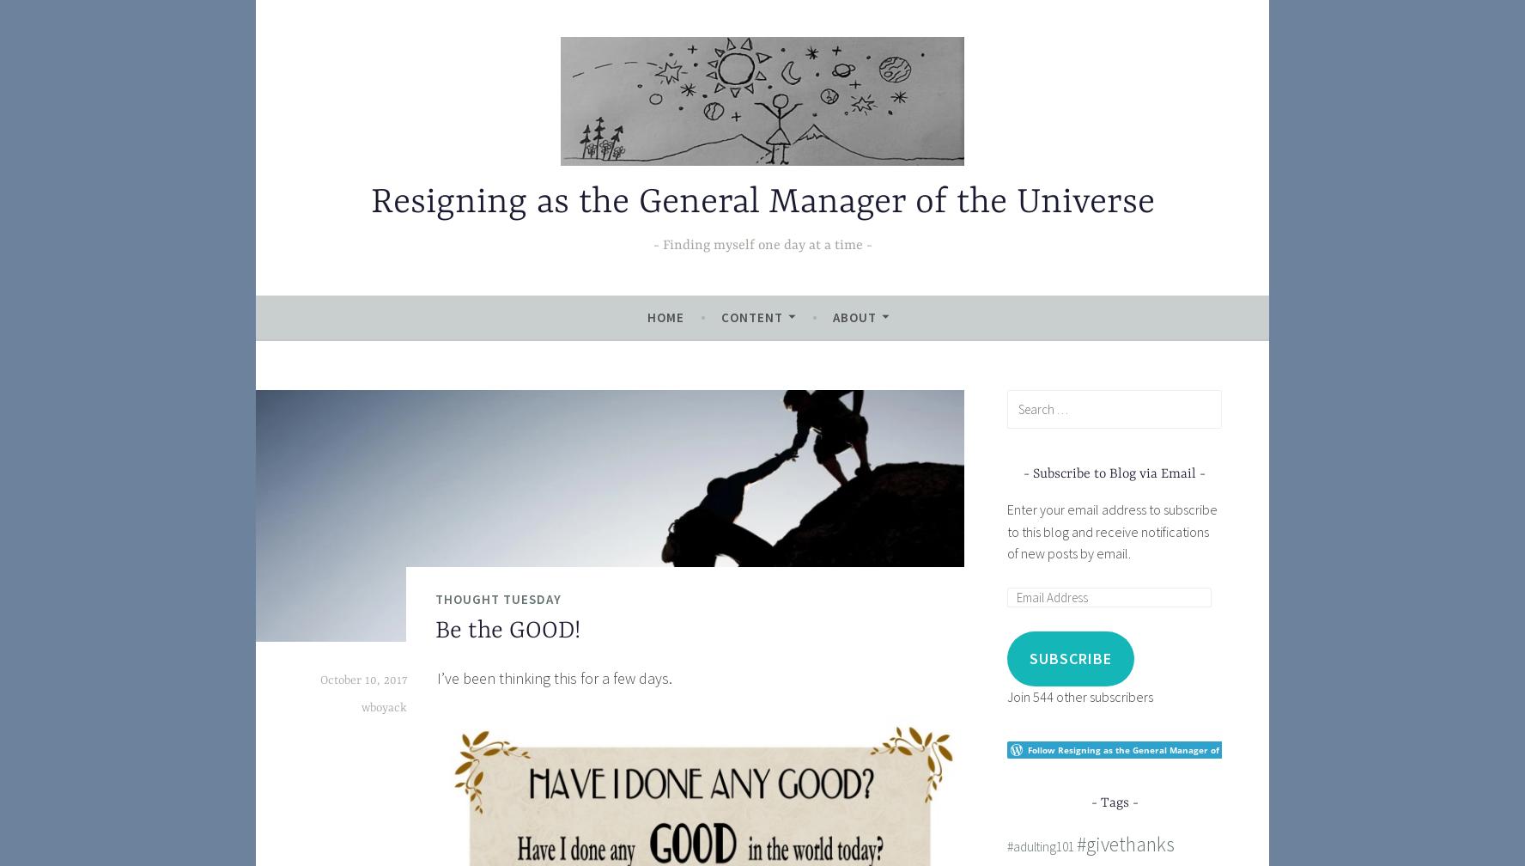  I want to click on 'Join 544 other subscribers', so click(1078, 696).